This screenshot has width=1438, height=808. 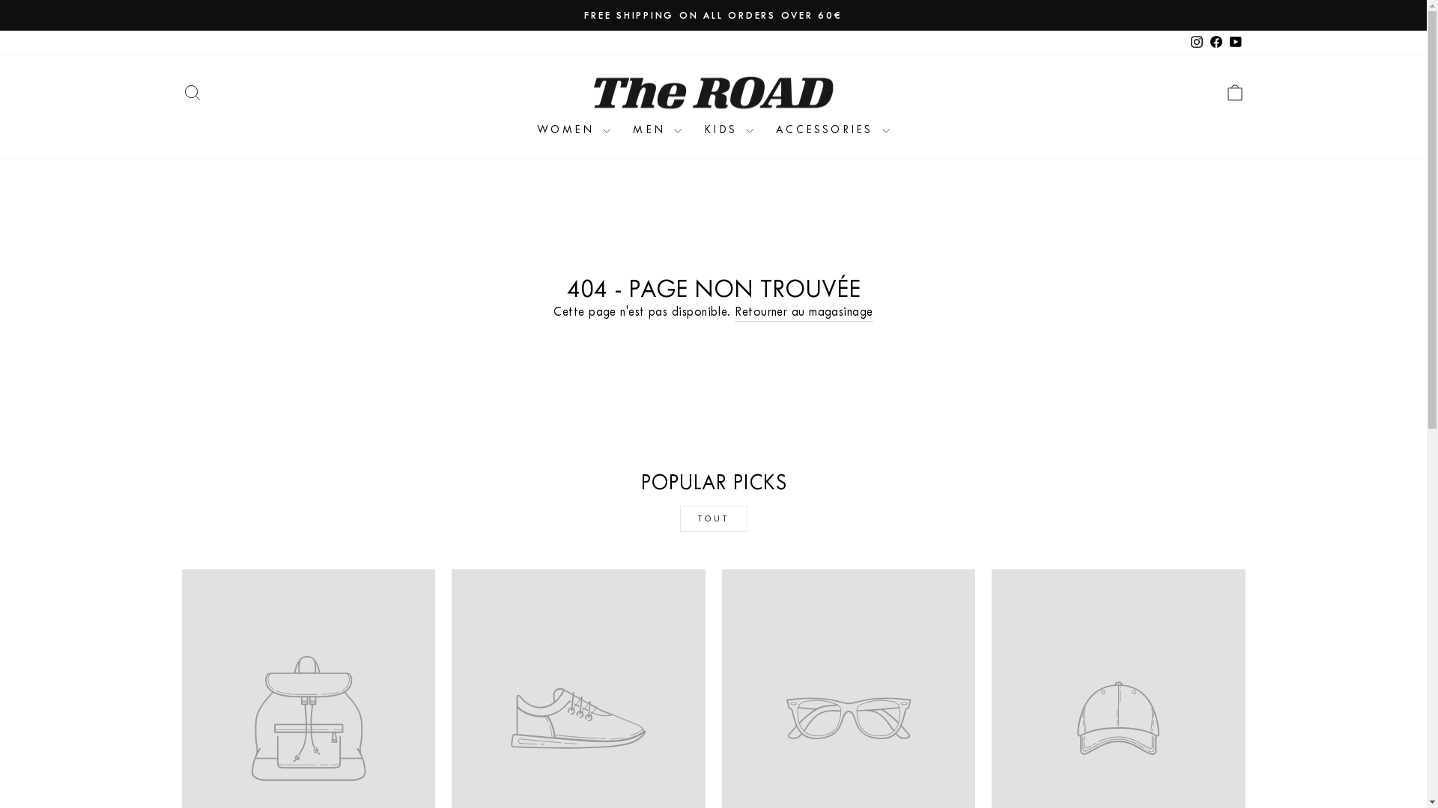 I want to click on 'instagram, so click(x=1186, y=41).